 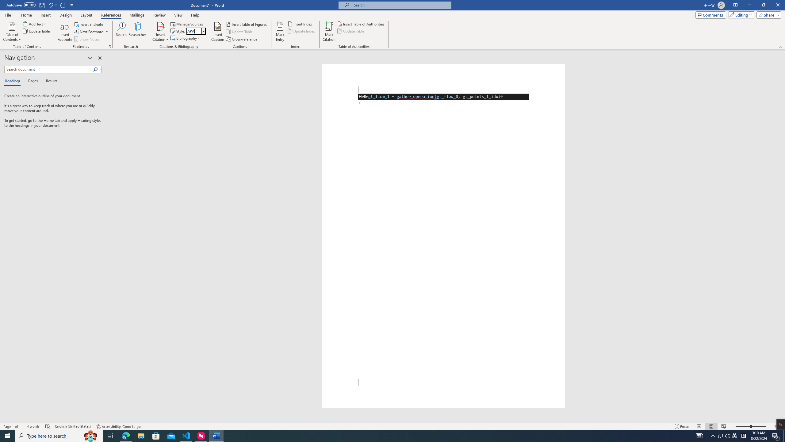 I want to click on 'Next Footnote', so click(x=91, y=32).